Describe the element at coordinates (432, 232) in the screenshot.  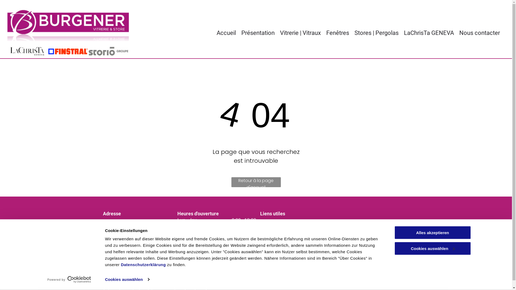
I see `'Alles akzeptieren'` at that location.